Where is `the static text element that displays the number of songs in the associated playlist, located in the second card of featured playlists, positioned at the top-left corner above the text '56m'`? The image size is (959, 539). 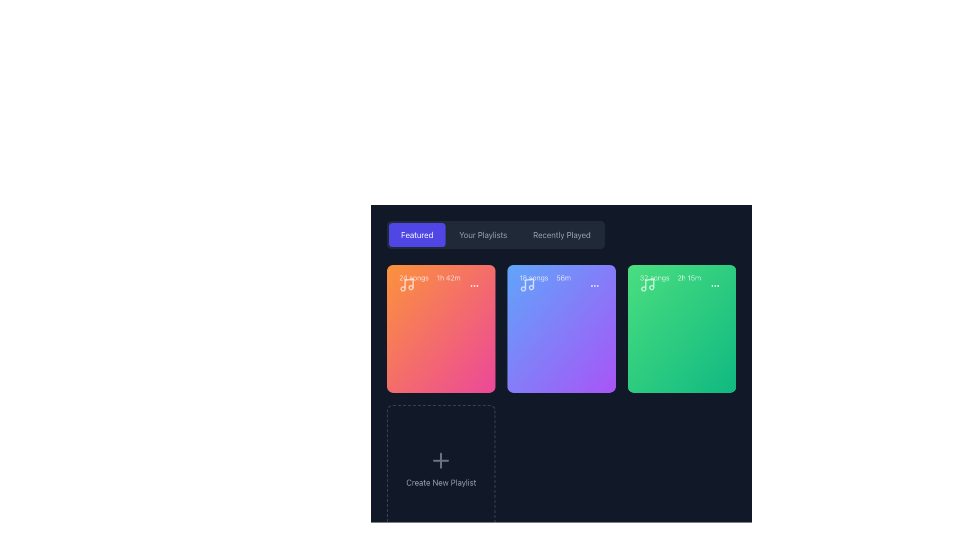
the static text element that displays the number of songs in the associated playlist, located in the second card of featured playlists, positioned at the top-left corner above the text '56m' is located at coordinates (533, 277).